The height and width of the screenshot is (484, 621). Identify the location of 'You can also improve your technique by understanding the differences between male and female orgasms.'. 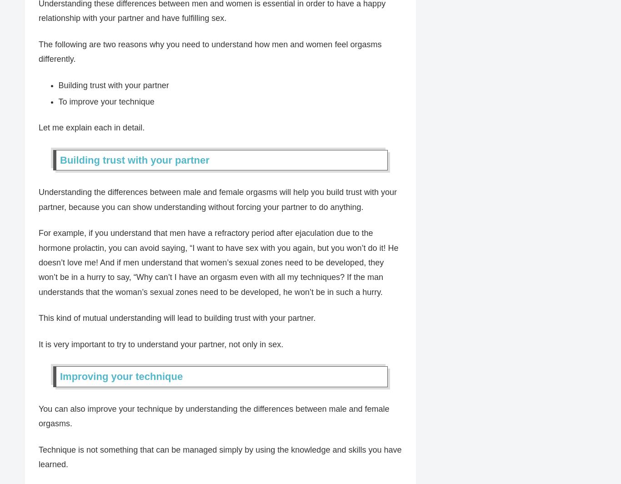
(214, 416).